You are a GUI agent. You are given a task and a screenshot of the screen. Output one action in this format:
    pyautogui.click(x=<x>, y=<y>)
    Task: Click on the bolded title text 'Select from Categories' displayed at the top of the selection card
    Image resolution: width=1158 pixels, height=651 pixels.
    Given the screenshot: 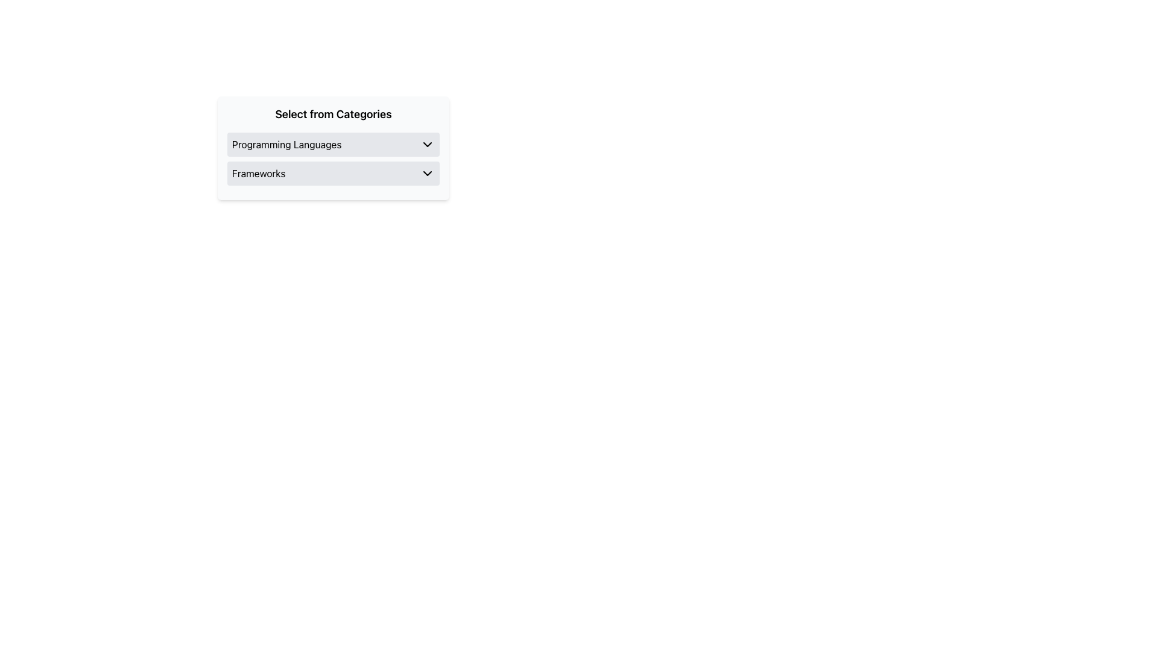 What is the action you would take?
    pyautogui.click(x=333, y=114)
    